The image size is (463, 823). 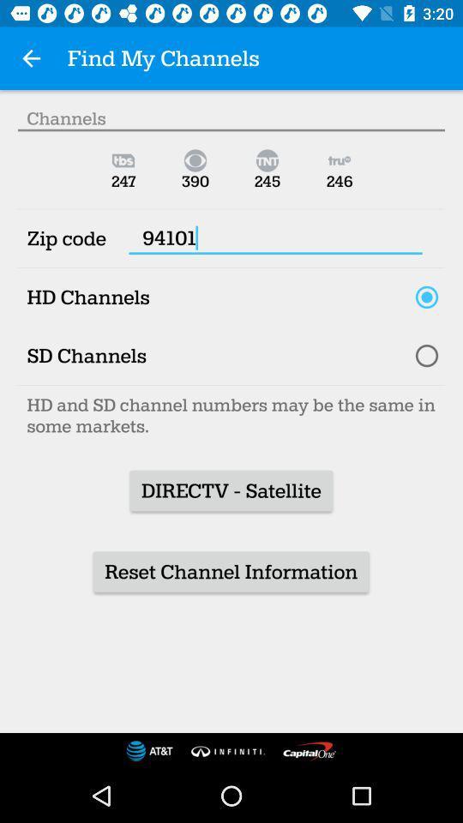 What do you see at coordinates (425, 297) in the screenshot?
I see `hd channel on` at bounding box center [425, 297].